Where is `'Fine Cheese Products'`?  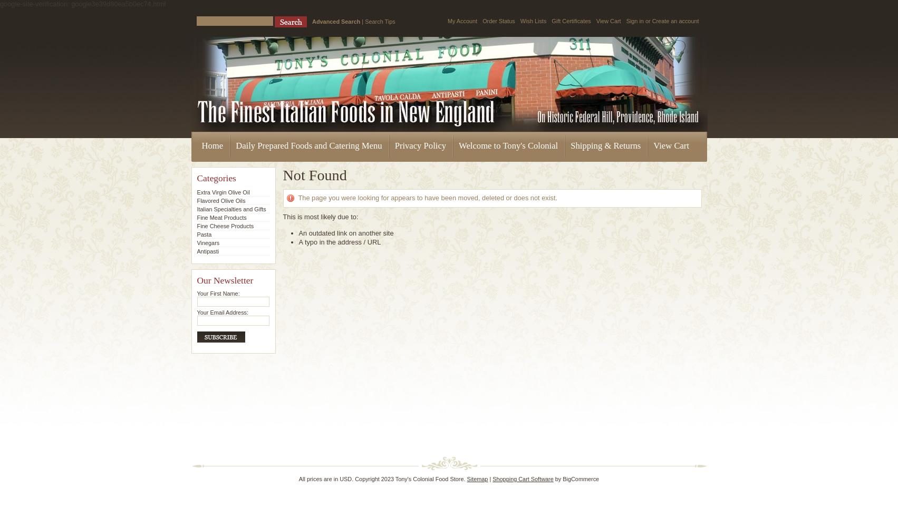 'Fine Cheese Products' is located at coordinates (225, 226).